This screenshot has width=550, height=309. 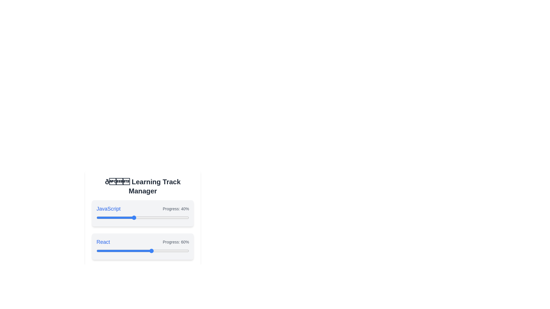 What do you see at coordinates (143, 284) in the screenshot?
I see `the horizontal range slider to set the value, currently at 20, by adjusting its position` at bounding box center [143, 284].